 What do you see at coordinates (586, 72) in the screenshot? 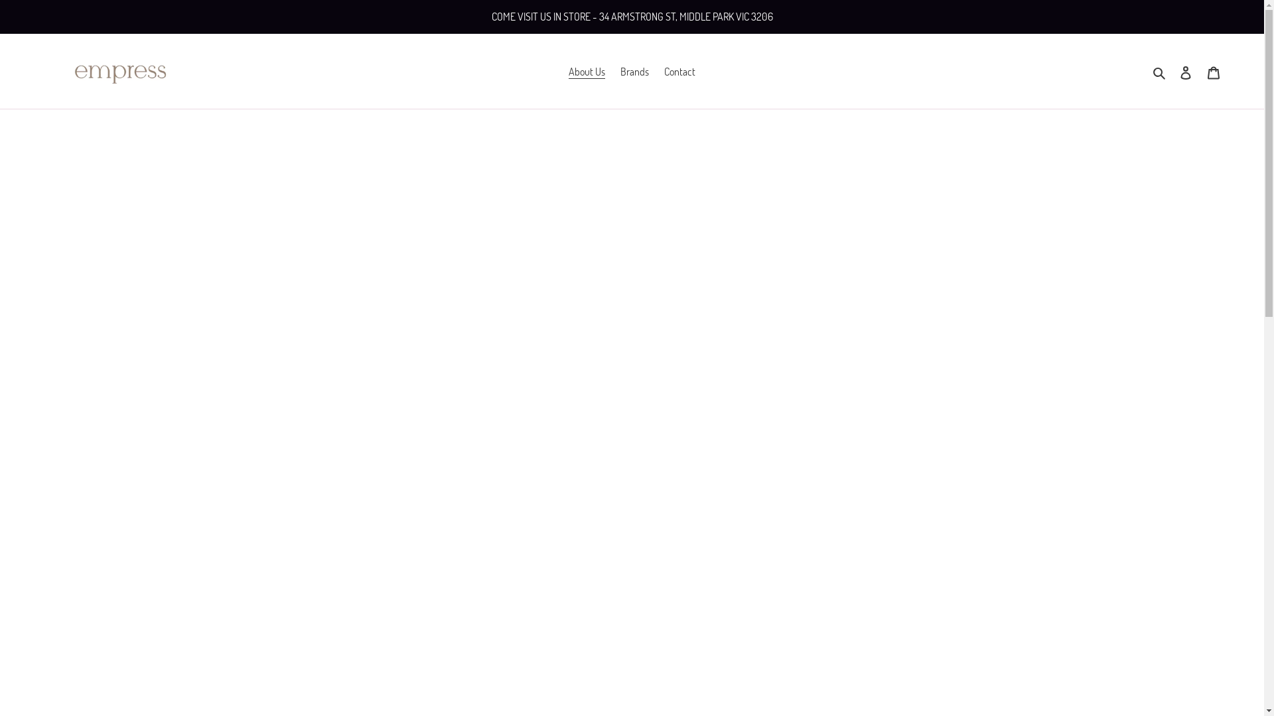
I see `'About Us'` at bounding box center [586, 72].